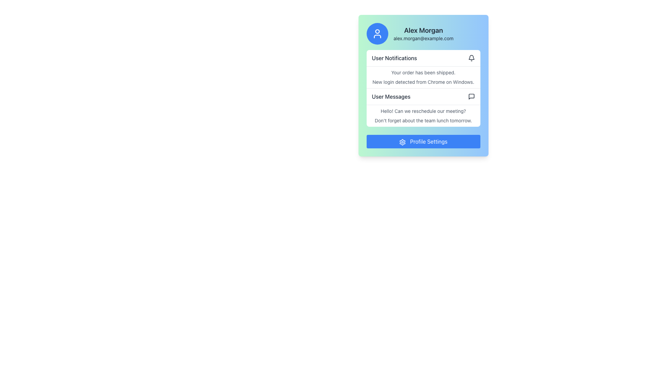 The height and width of the screenshot is (365, 650). Describe the element at coordinates (423, 30) in the screenshot. I see `display name text located at the top of the profile card, above the email address 'alex.morgan@example.com'` at that location.